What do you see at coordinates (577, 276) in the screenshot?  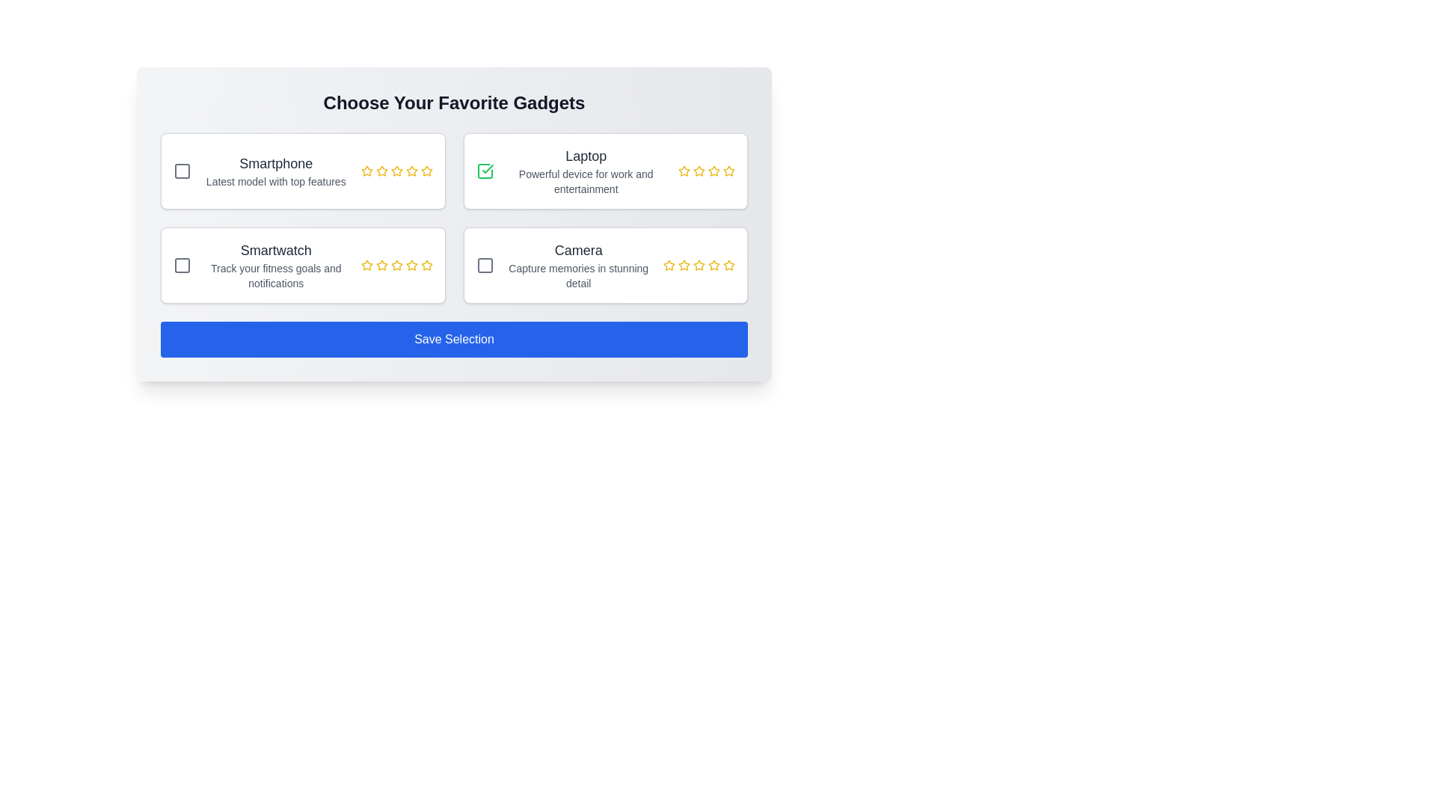 I see `the descriptive text reading 'Capture memories in stunning detail' located beneath the label 'Camera' in the third card of the second row` at bounding box center [577, 276].